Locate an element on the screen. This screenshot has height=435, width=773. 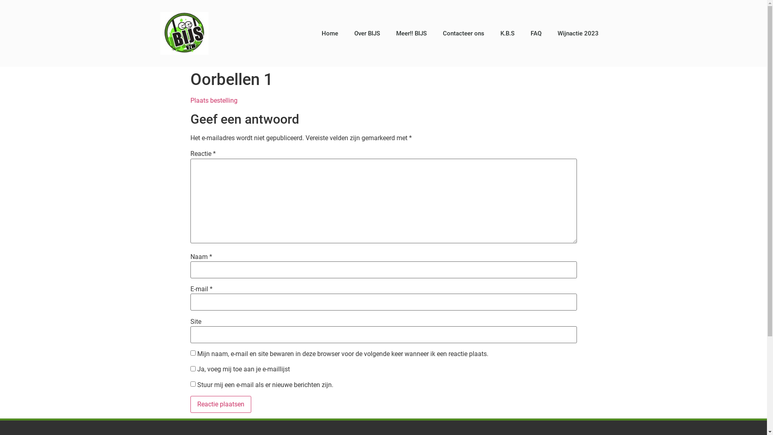
'Meer!! BIJS' is located at coordinates (388, 33).